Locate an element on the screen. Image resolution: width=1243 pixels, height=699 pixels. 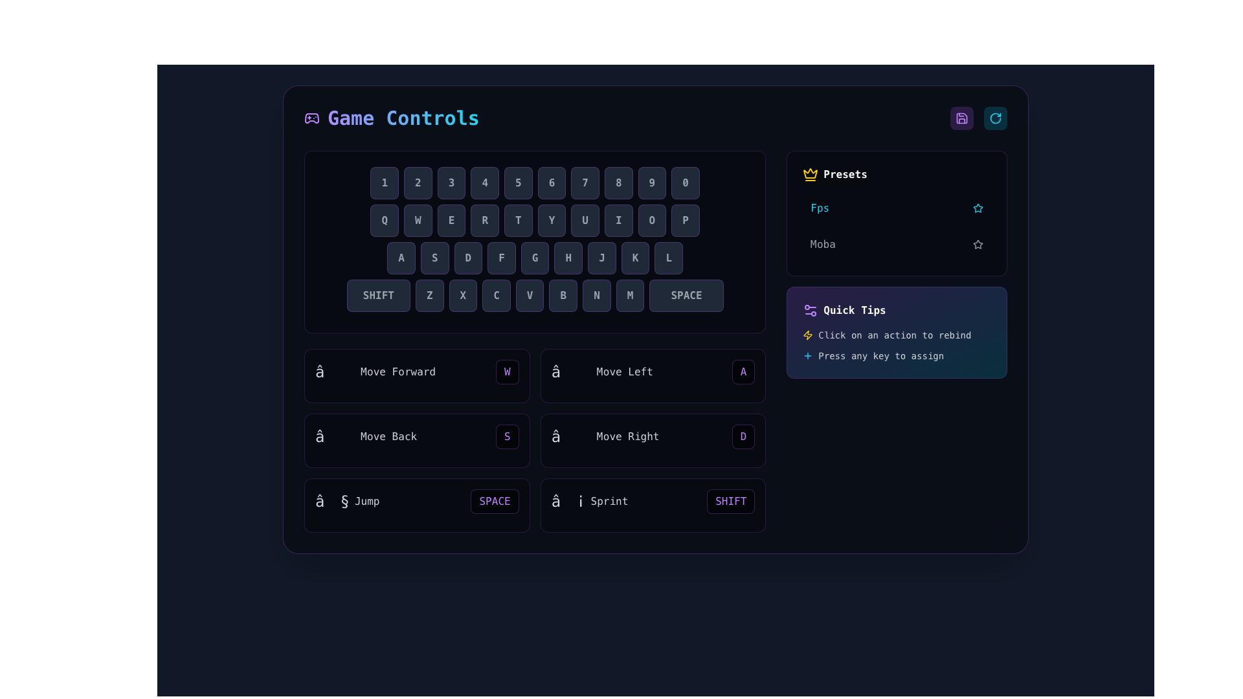
details of the interactive card displaying the 'Sprint' action binding associated with the 'SHIFT' key, located in the bottom right column of the grid layout is located at coordinates (653, 504).